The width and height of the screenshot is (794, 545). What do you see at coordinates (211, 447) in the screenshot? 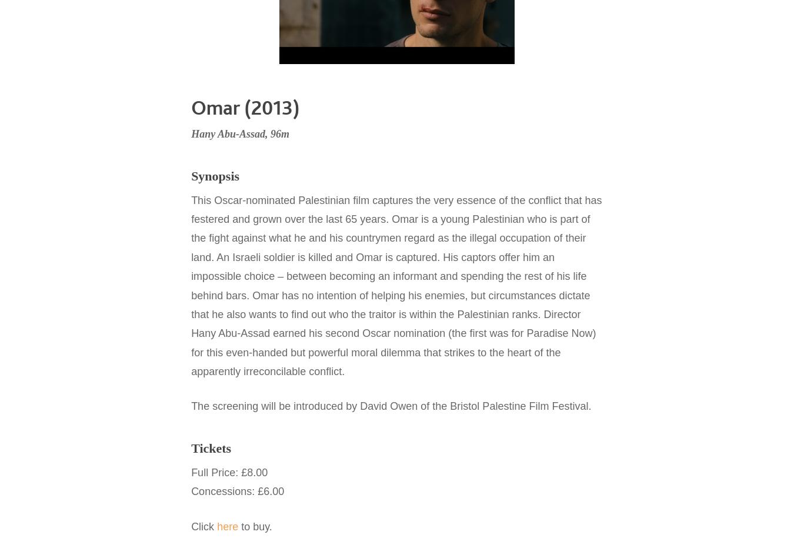
I see `'Tickets'` at bounding box center [211, 447].